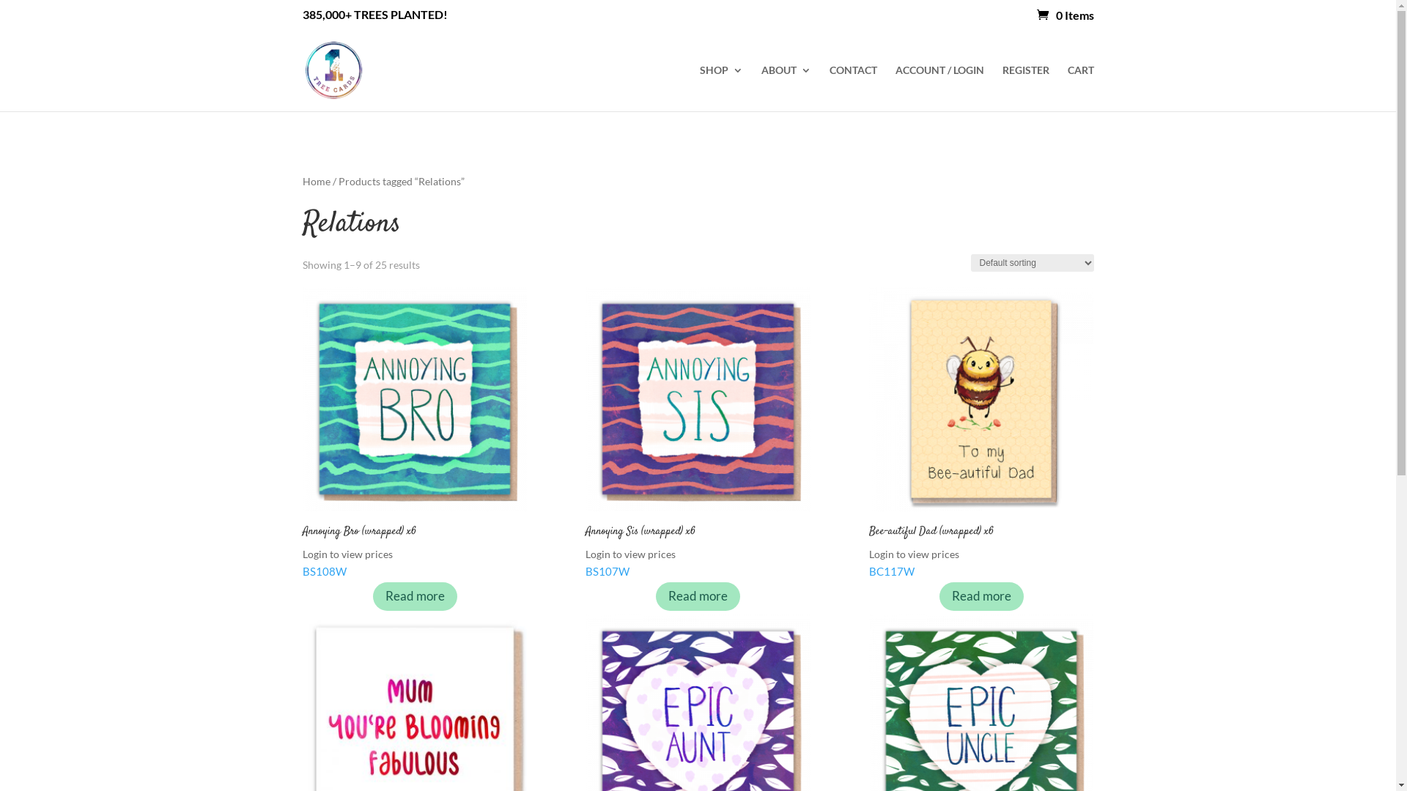 This screenshot has width=1407, height=791. Describe the element at coordinates (1065, 15) in the screenshot. I see `'0 Items'` at that location.